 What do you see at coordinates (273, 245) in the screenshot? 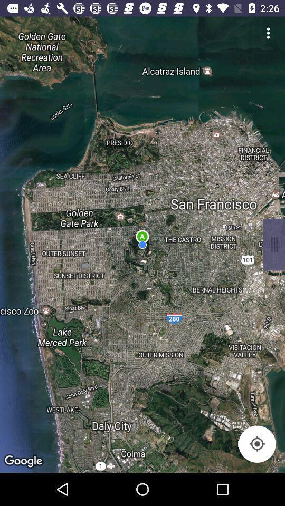
I see `sidebar` at bounding box center [273, 245].